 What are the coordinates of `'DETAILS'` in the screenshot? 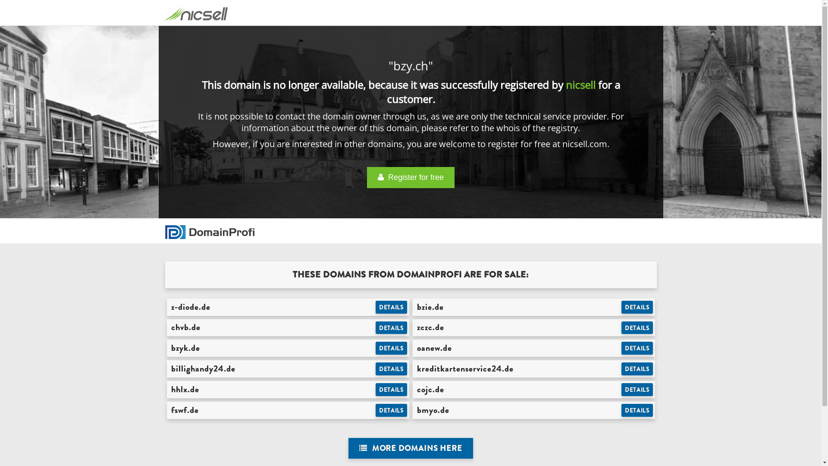 It's located at (375, 389).